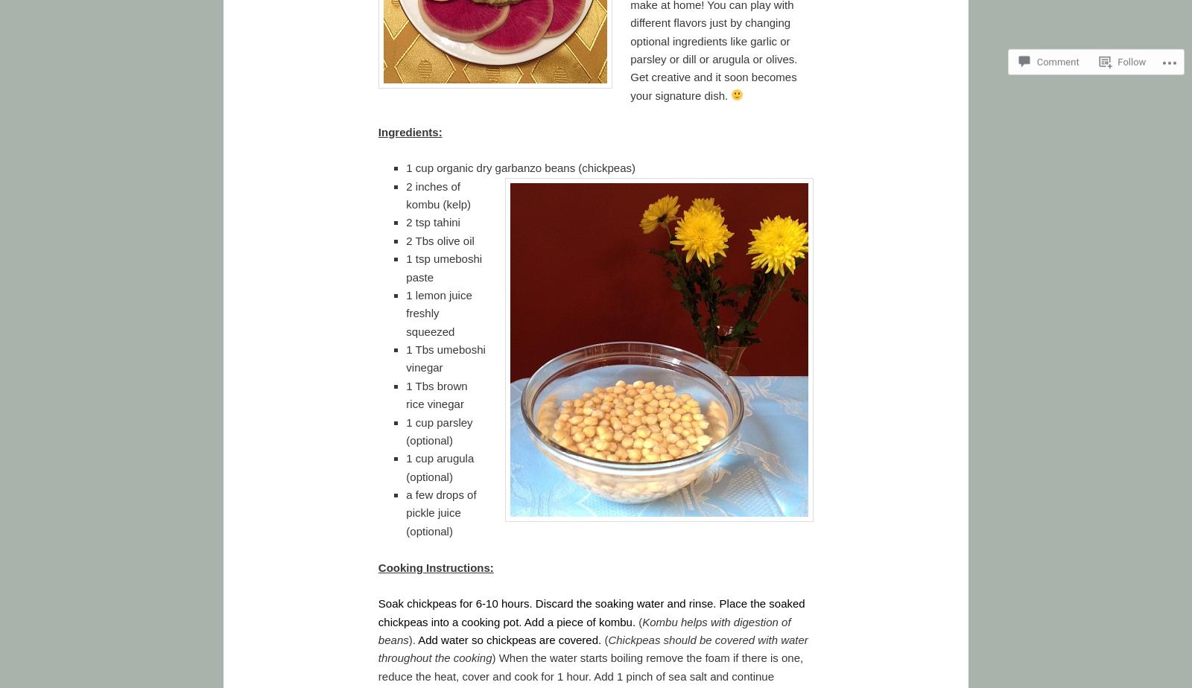  What do you see at coordinates (1132, 36) in the screenshot?
I see `'Follow'` at bounding box center [1132, 36].